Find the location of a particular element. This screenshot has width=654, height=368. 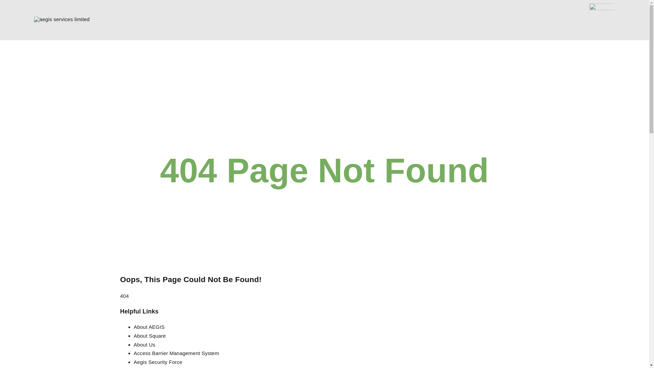

'Aegis Security Force' is located at coordinates (157, 362).